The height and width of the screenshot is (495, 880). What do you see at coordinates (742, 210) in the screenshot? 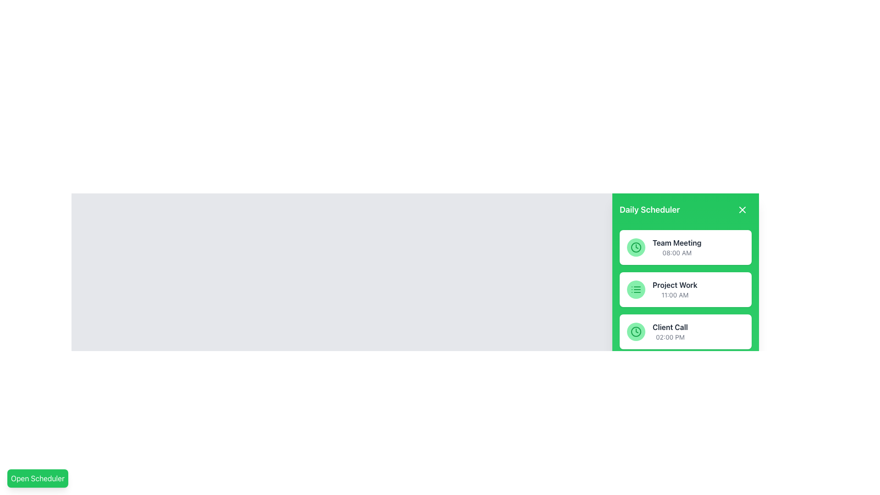
I see `the X/Close Button located at the top-right corner of the 'Daily Scheduler' panel` at bounding box center [742, 210].